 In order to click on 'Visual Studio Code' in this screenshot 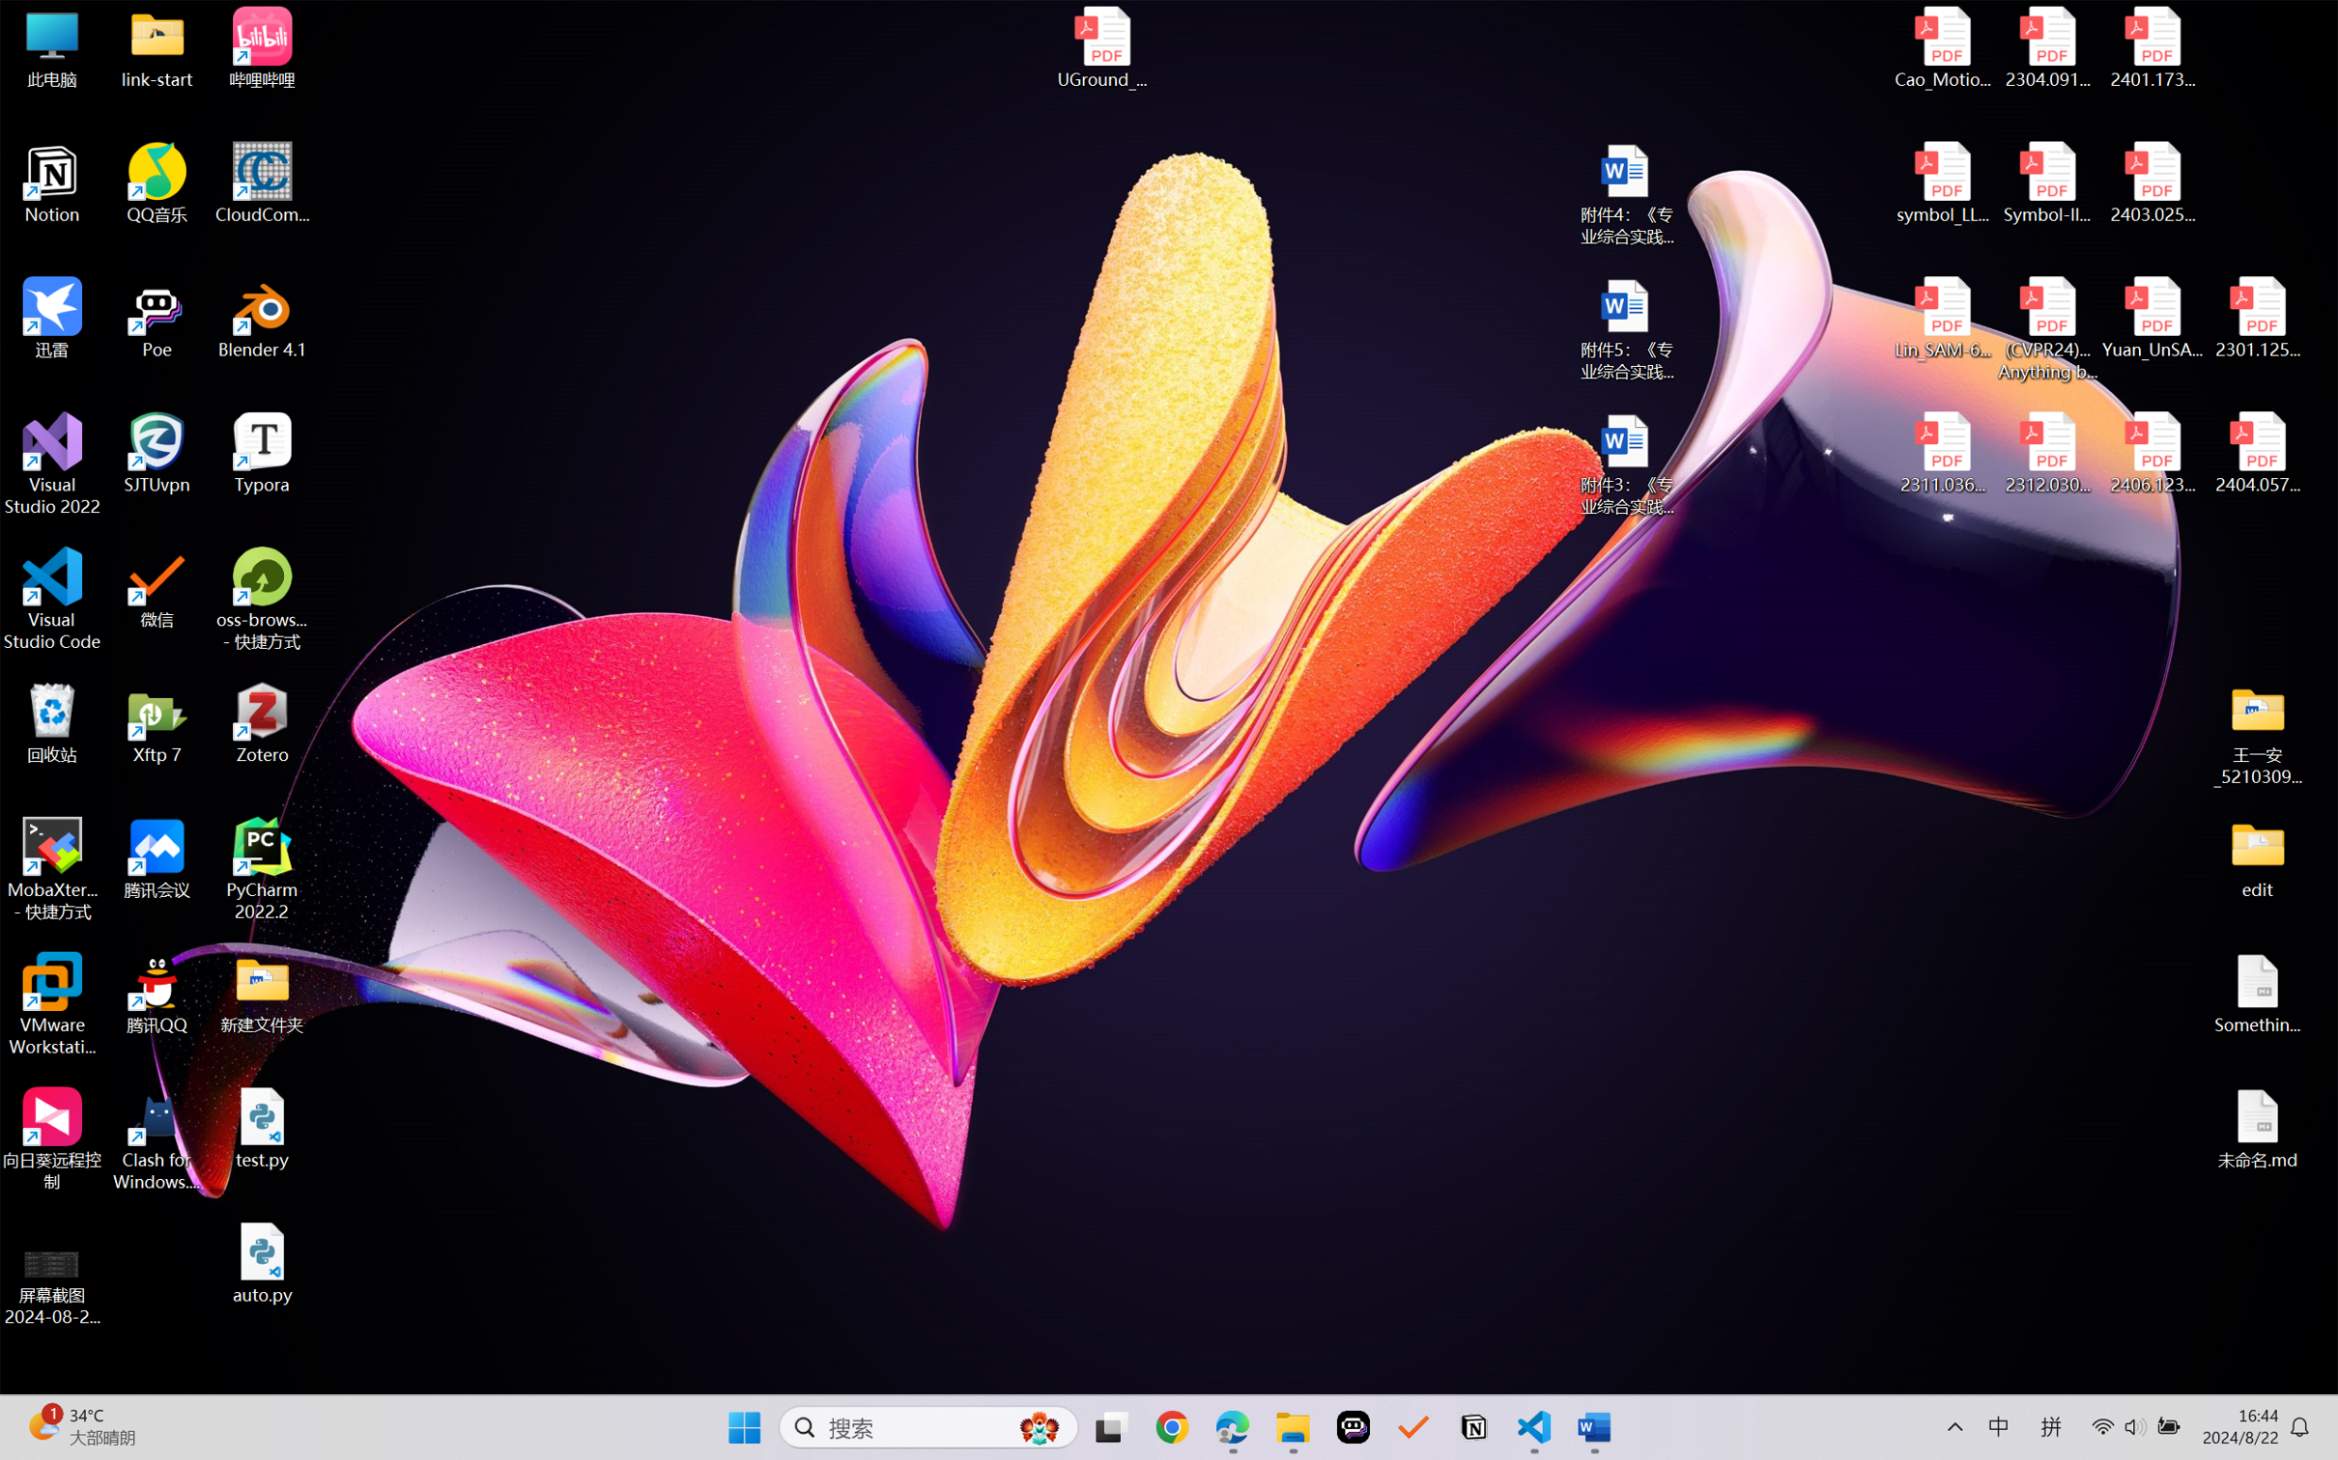, I will do `click(51, 598)`.